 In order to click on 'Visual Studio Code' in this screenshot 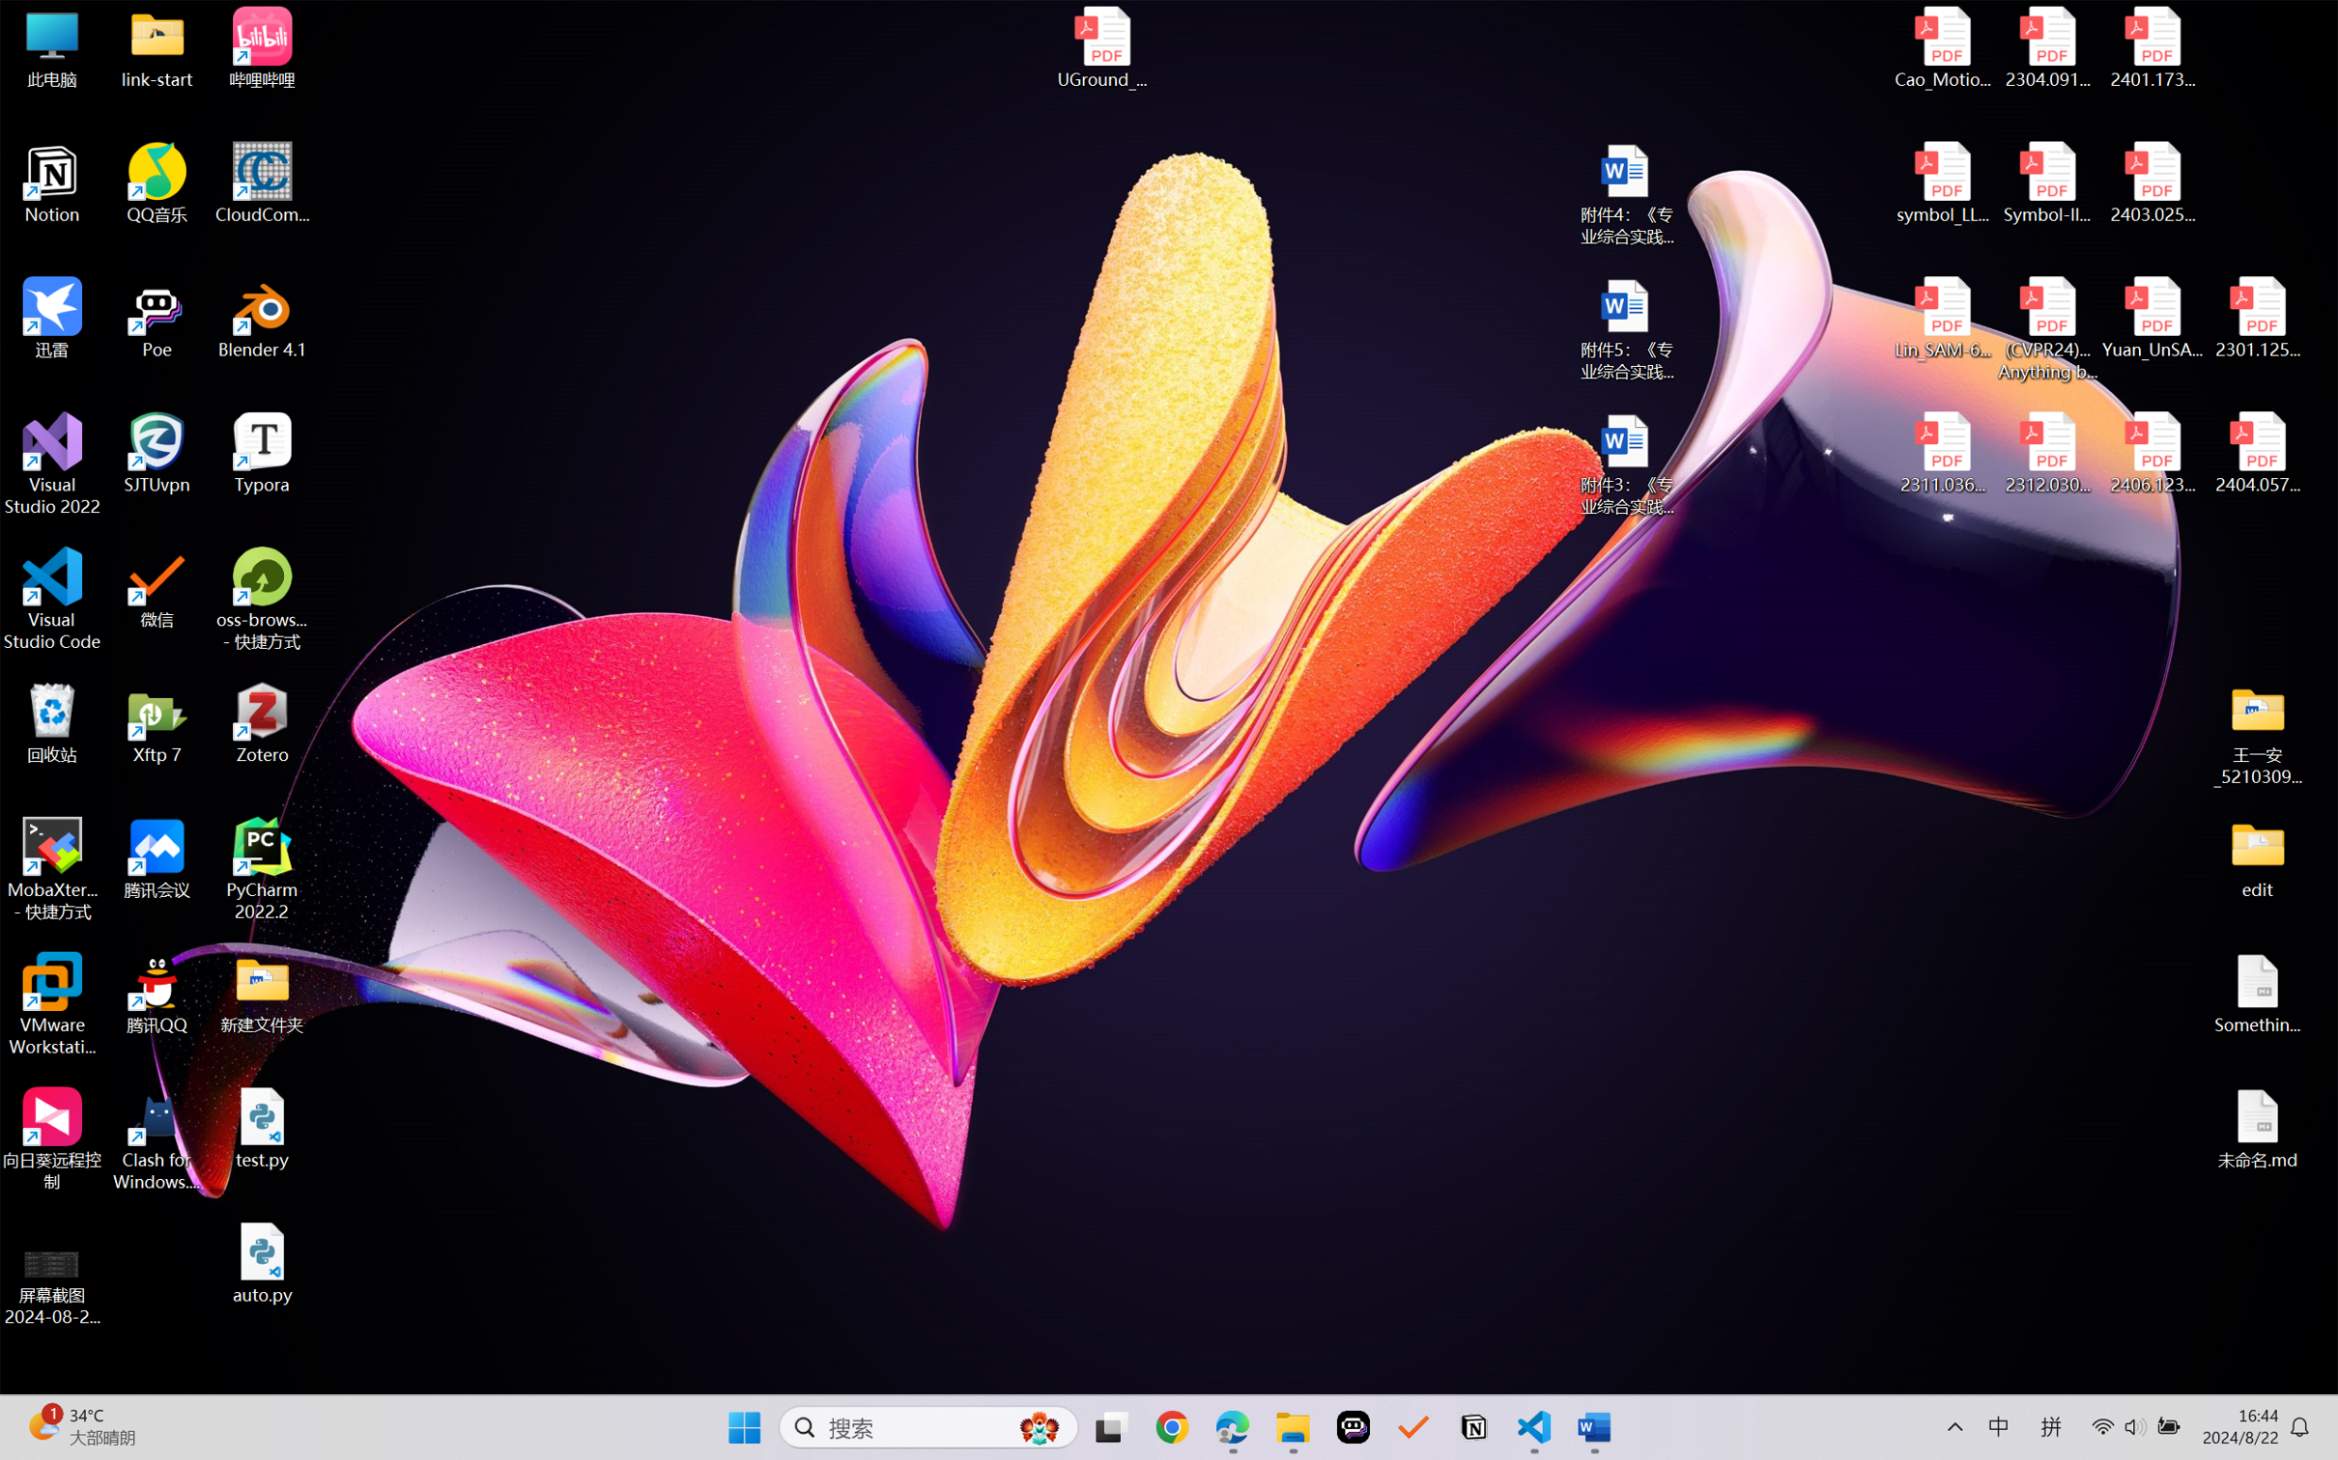, I will do `click(51, 598)`.